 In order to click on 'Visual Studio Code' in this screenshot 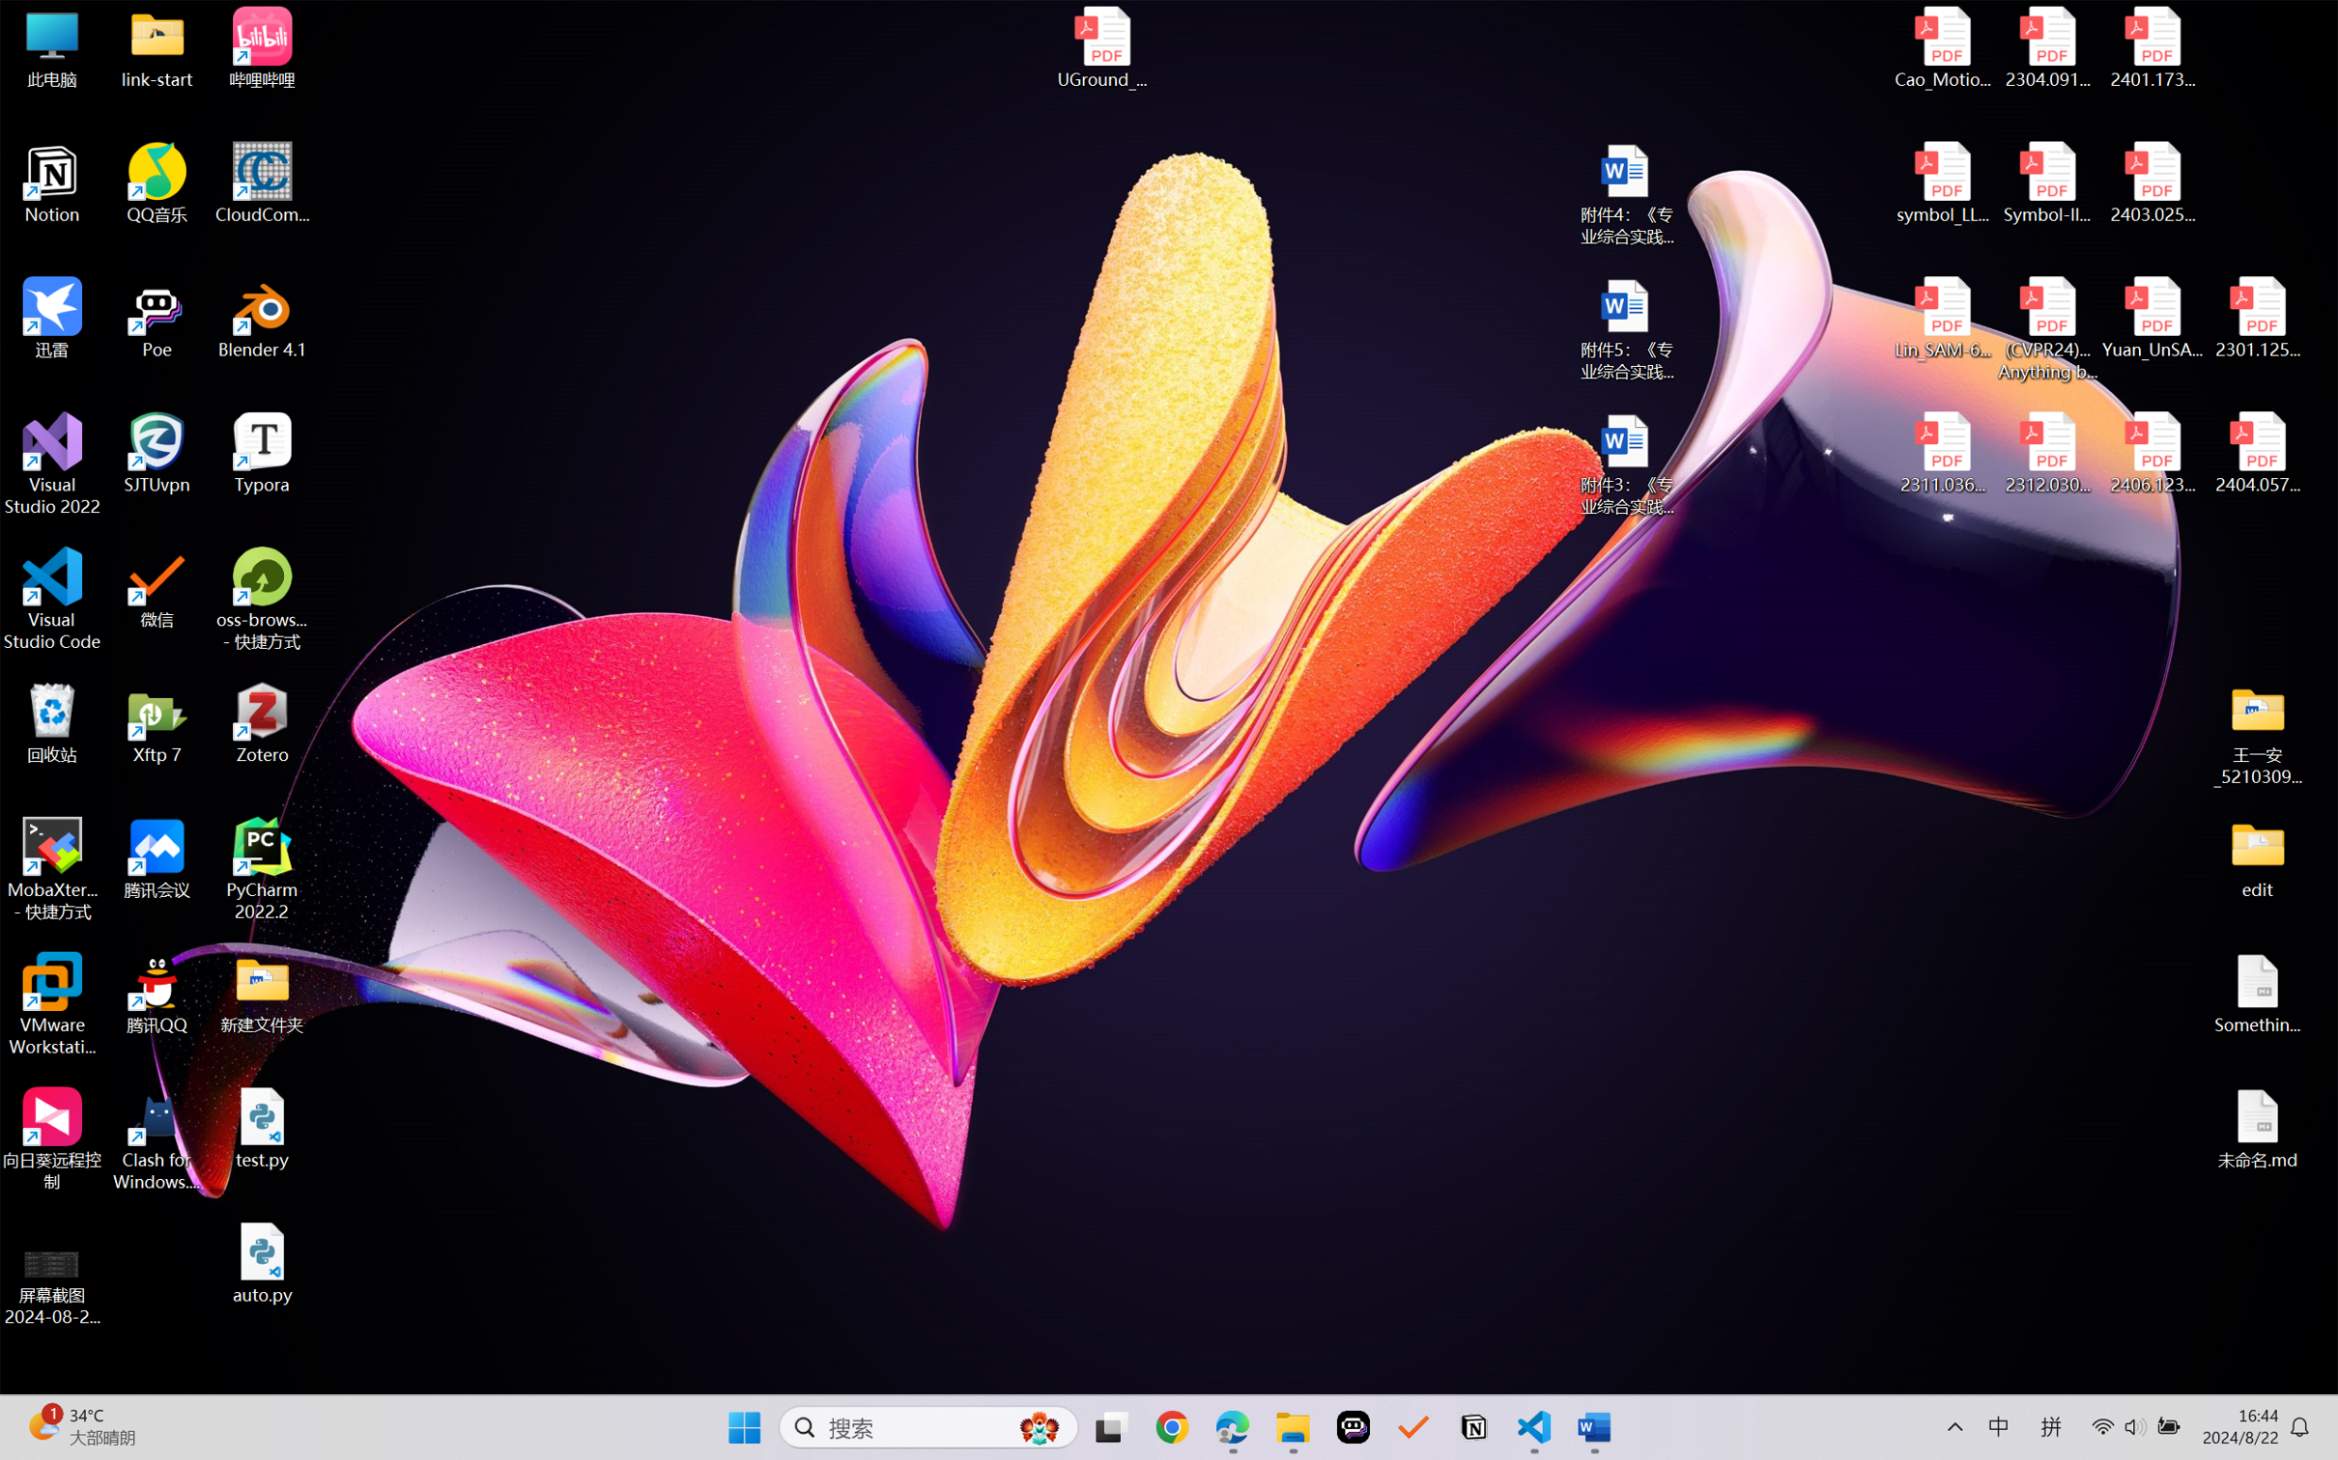, I will do `click(51, 598)`.